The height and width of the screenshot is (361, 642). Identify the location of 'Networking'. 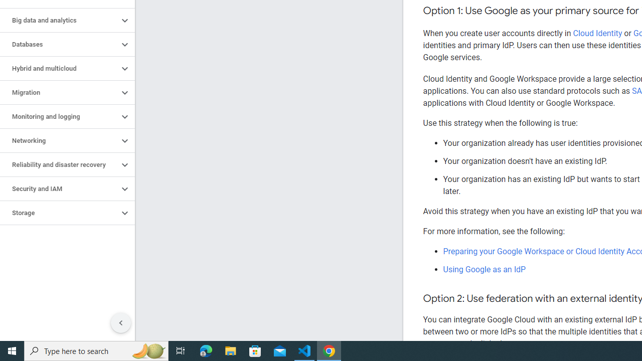
(59, 141).